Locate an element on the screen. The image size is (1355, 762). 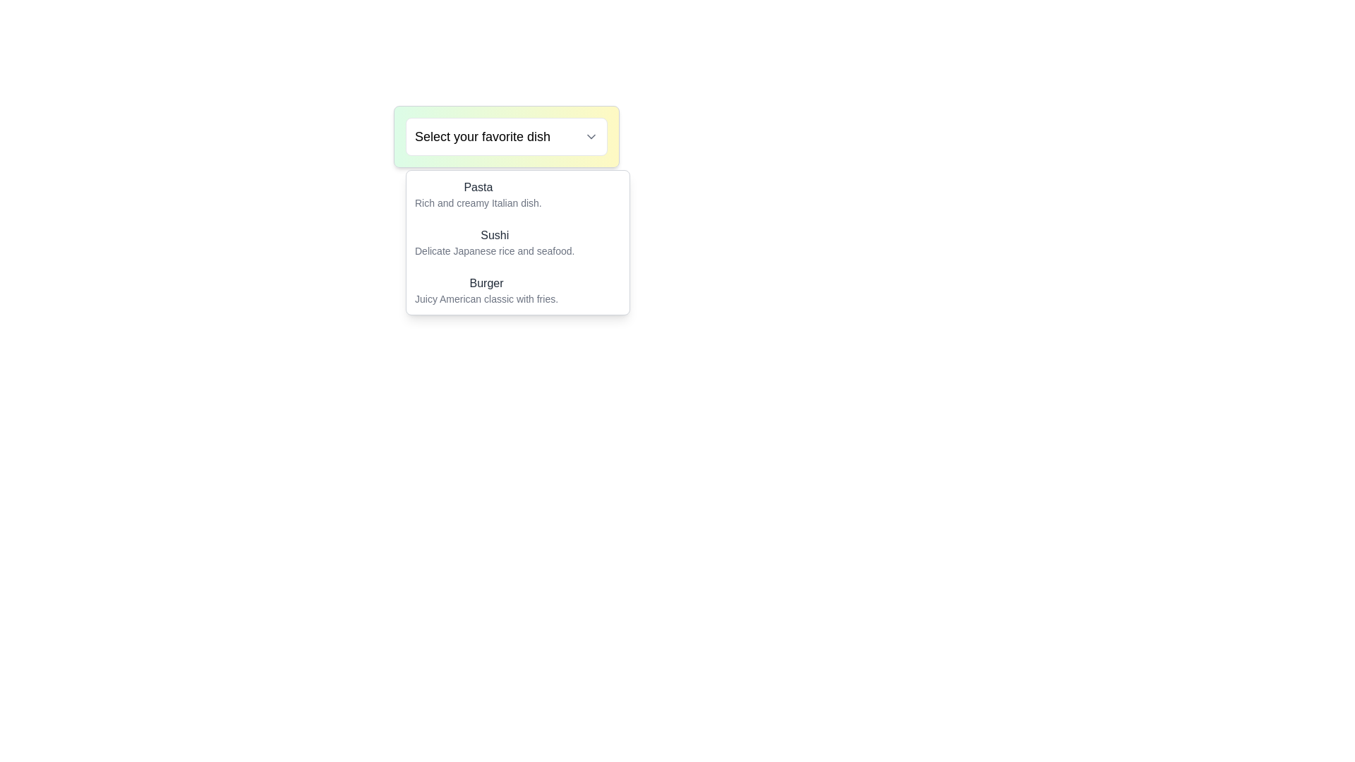
to select the second item in the dropdown list, which describes a sushi dish, located between 'Pasta - Rich and creamy Italian dish.' and 'Burger - Juicy American classic with fries.' is located at coordinates (517, 241).